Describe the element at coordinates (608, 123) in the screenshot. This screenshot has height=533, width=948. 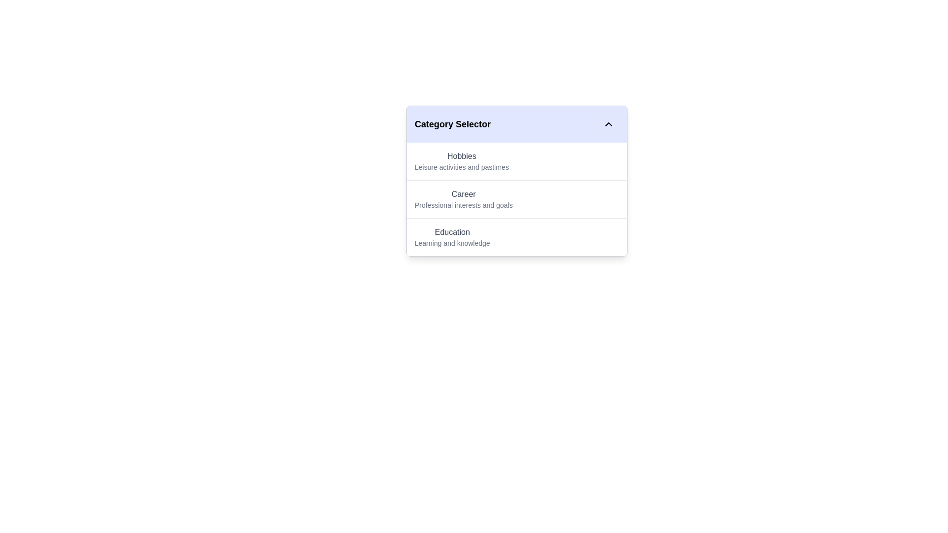
I see `the toggle button located in the top-right corner of the 'Category Selector' panel` at that location.